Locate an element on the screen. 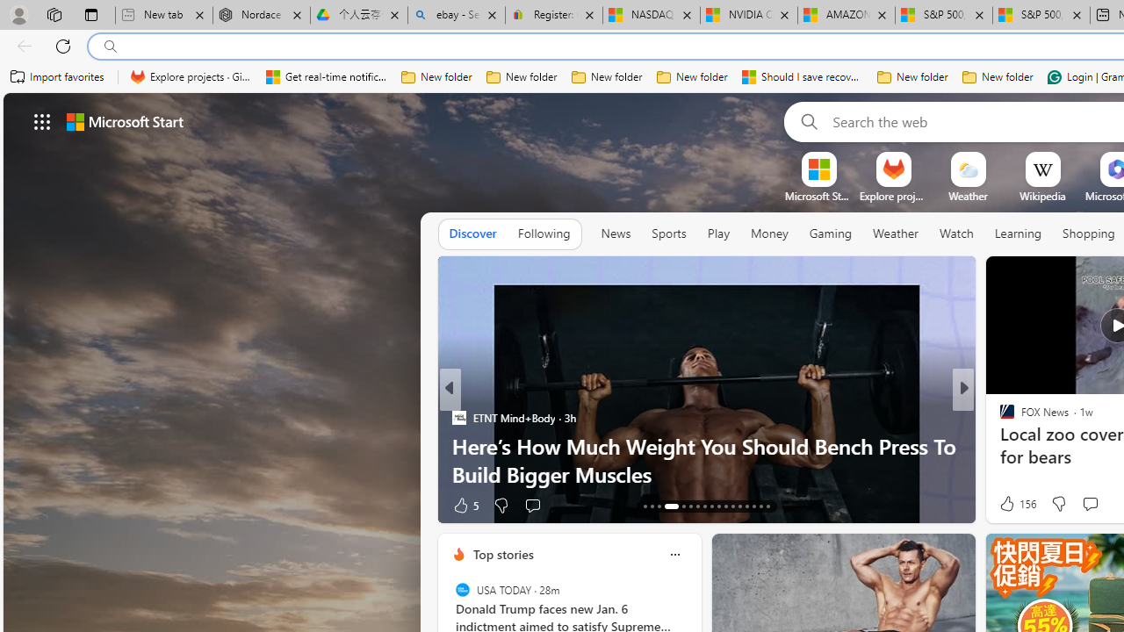  '88 Like' is located at coordinates (1009, 505).